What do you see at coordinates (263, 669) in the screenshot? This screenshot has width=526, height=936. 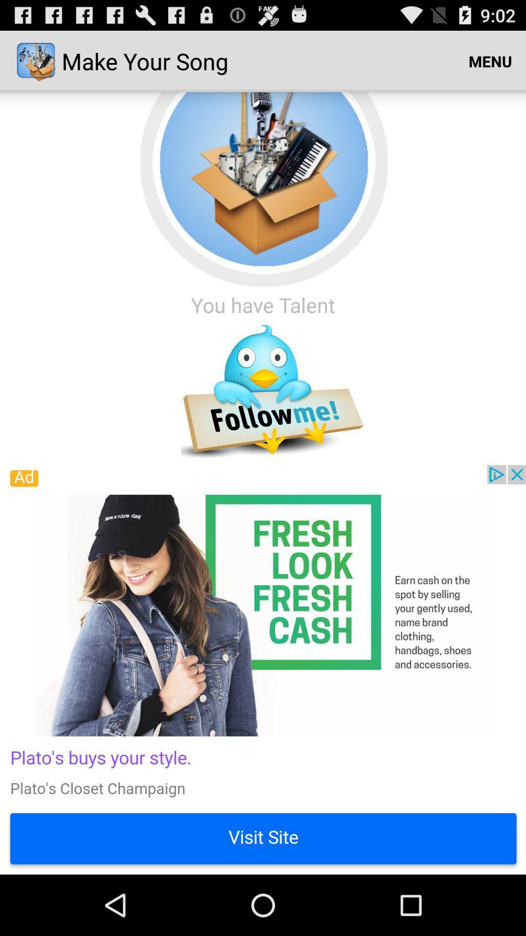 I see `visit another site` at bounding box center [263, 669].